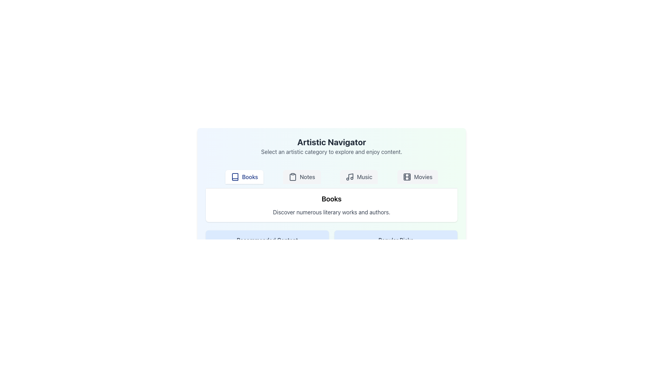  Describe the element at coordinates (302, 176) in the screenshot. I see `the 'Notes' button in the navigation bar` at that location.